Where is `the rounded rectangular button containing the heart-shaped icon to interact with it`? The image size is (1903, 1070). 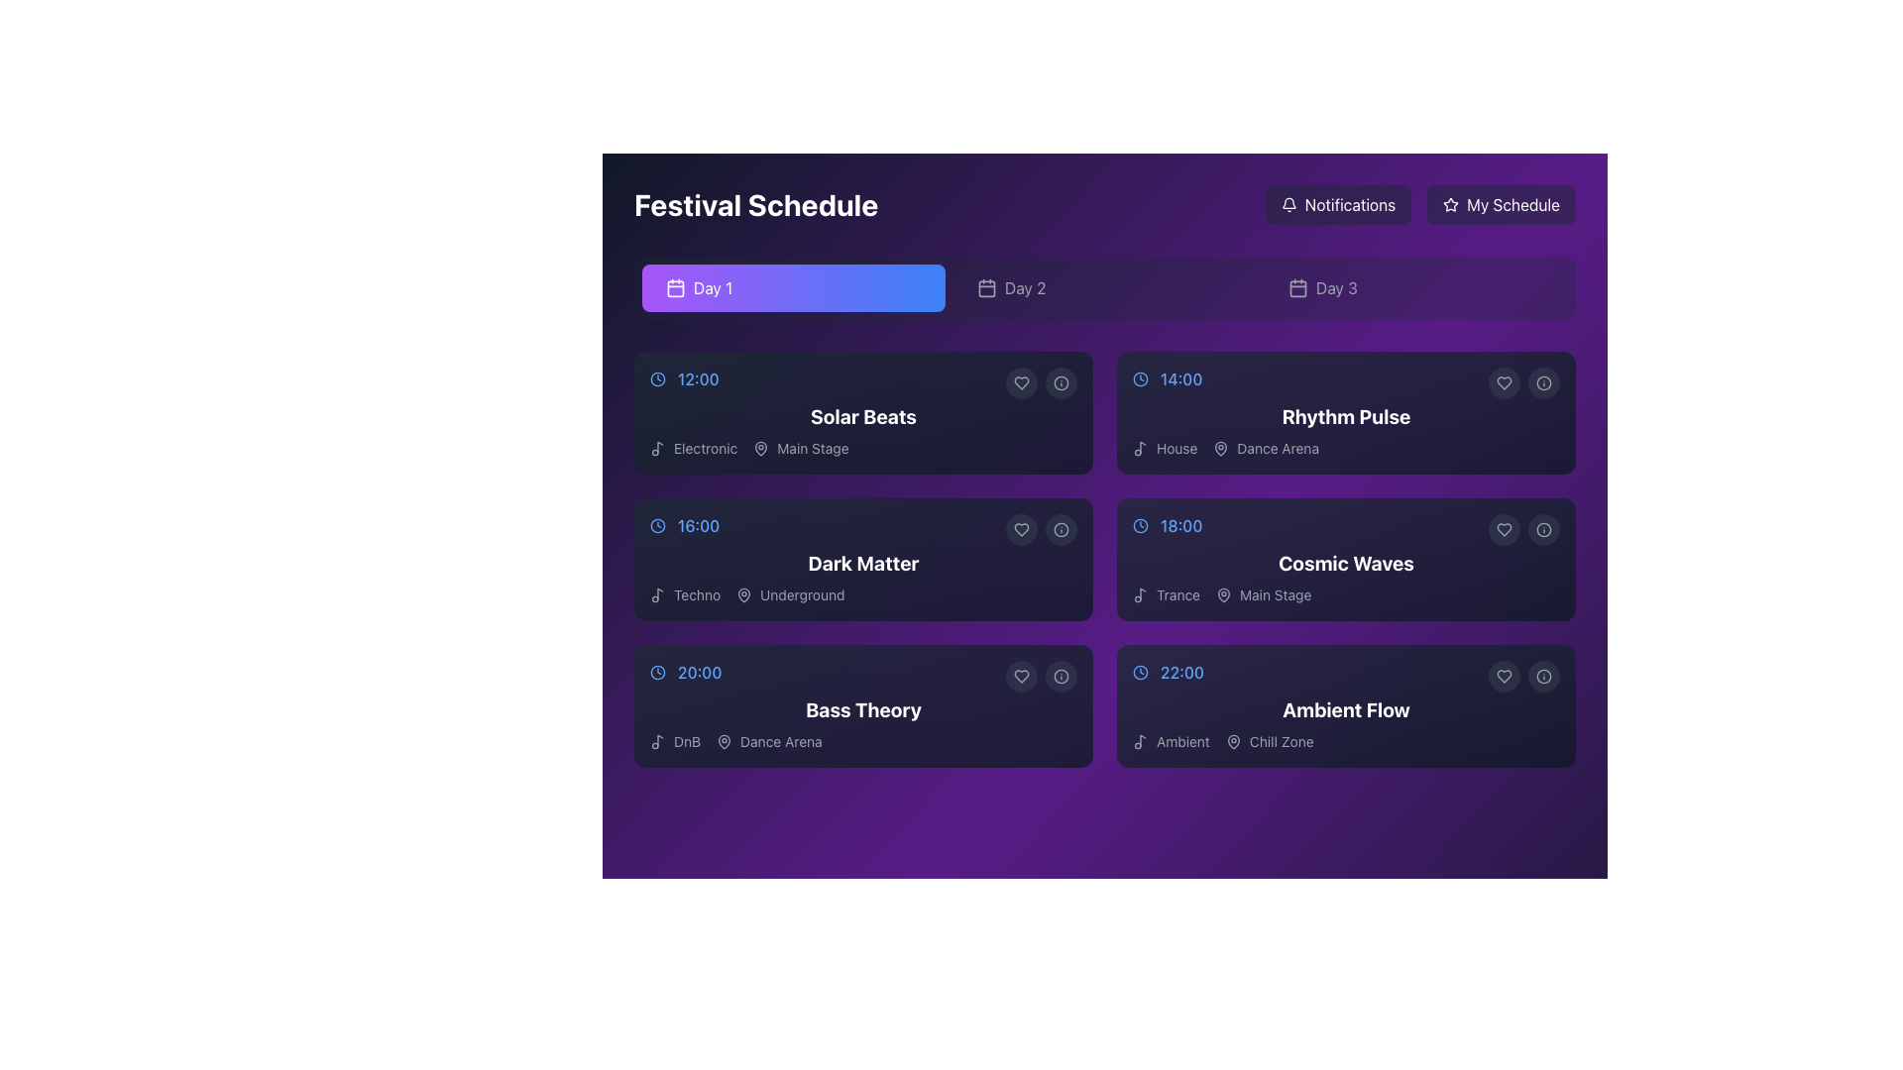 the rounded rectangular button containing the heart-shaped icon to interact with it is located at coordinates (1504, 529).